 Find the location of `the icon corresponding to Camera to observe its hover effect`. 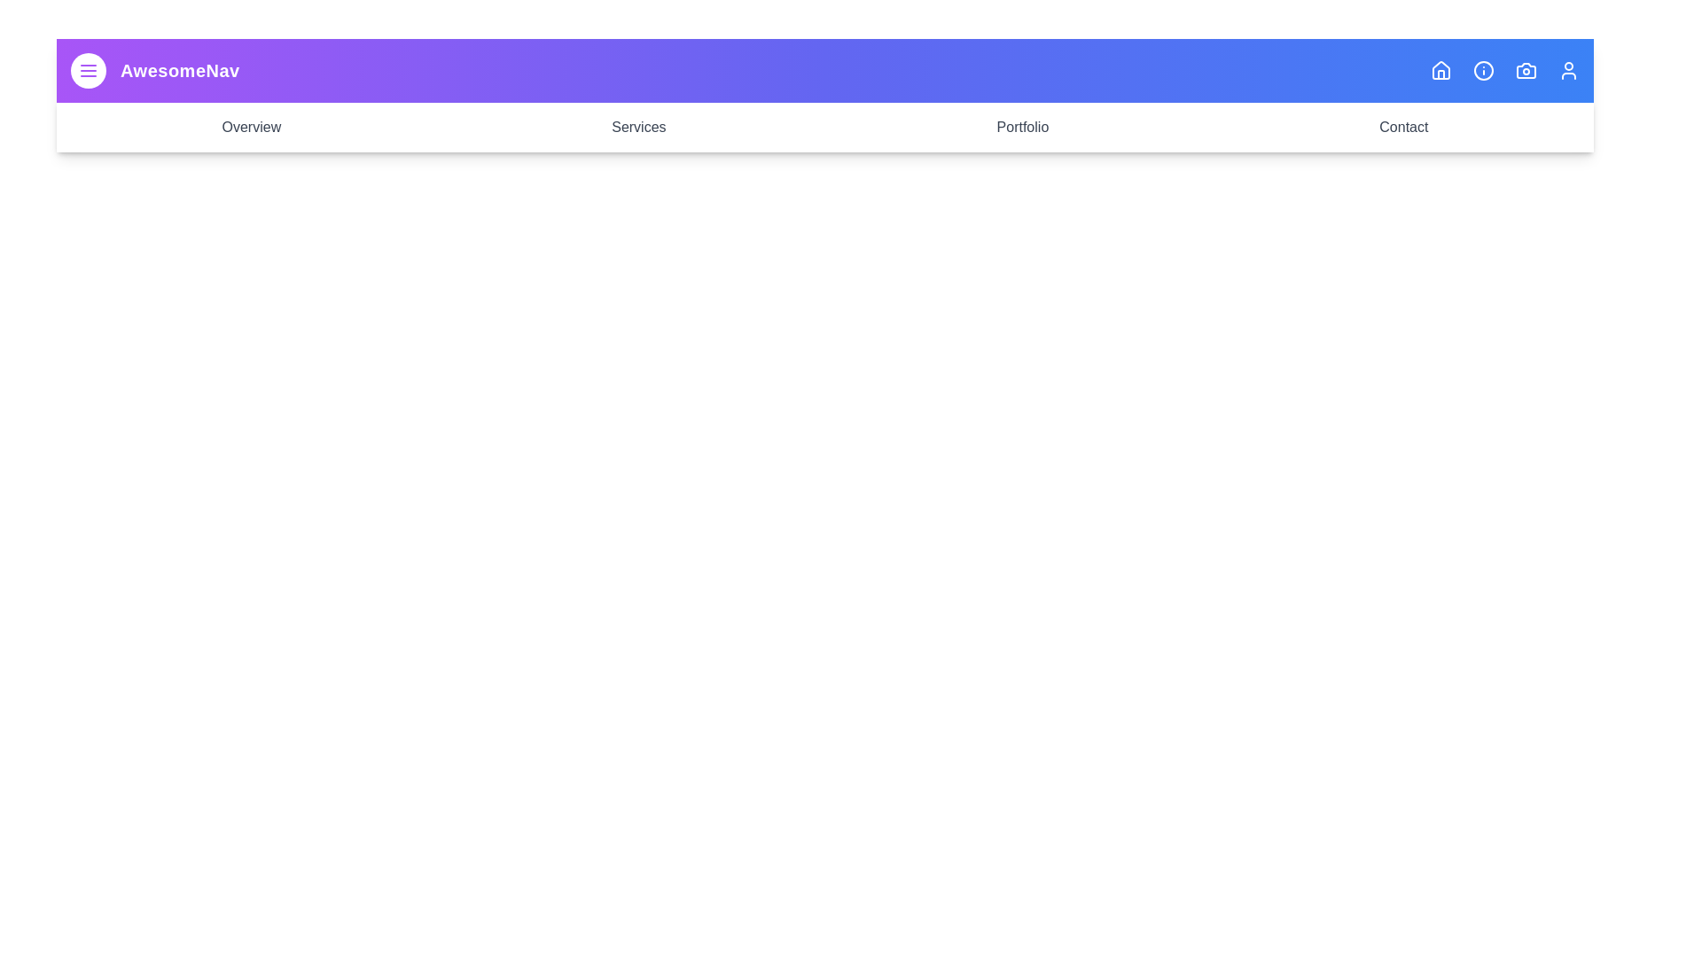

the icon corresponding to Camera to observe its hover effect is located at coordinates (1526, 70).